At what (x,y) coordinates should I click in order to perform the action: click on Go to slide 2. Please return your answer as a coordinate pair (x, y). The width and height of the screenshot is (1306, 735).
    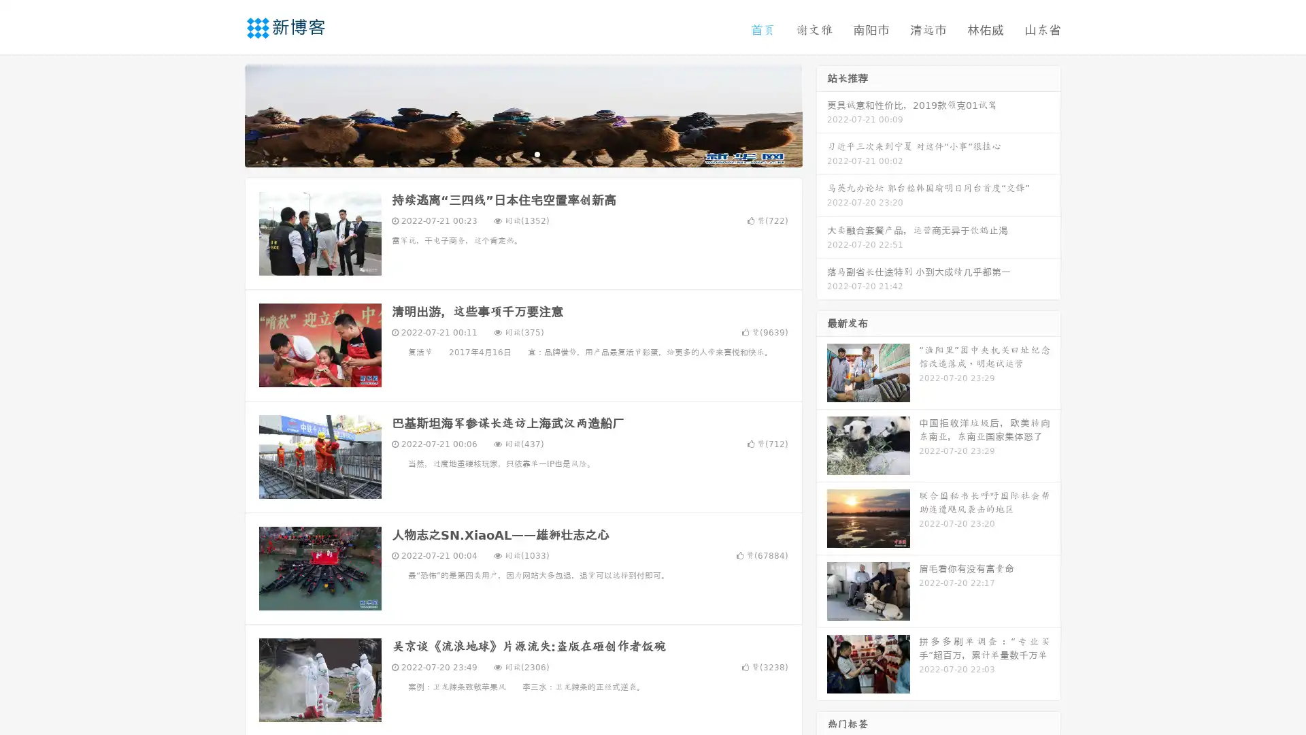
    Looking at the image, I should click on (522, 153).